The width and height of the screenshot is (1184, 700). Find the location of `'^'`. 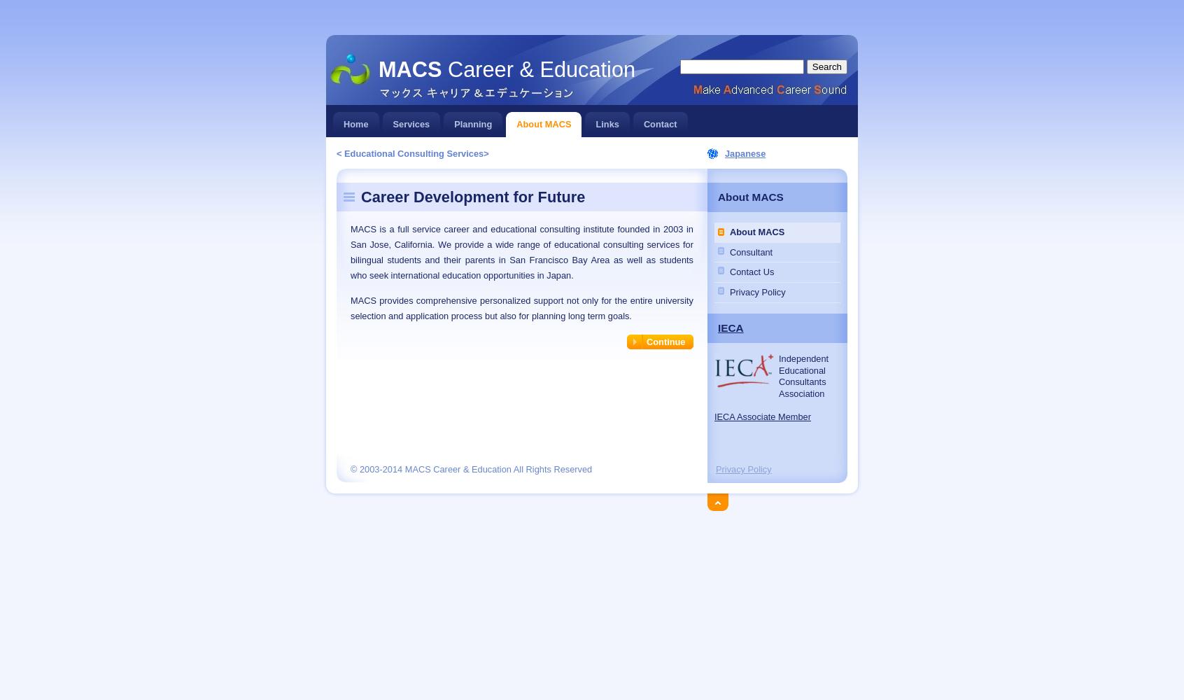

'^' is located at coordinates (709, 499).